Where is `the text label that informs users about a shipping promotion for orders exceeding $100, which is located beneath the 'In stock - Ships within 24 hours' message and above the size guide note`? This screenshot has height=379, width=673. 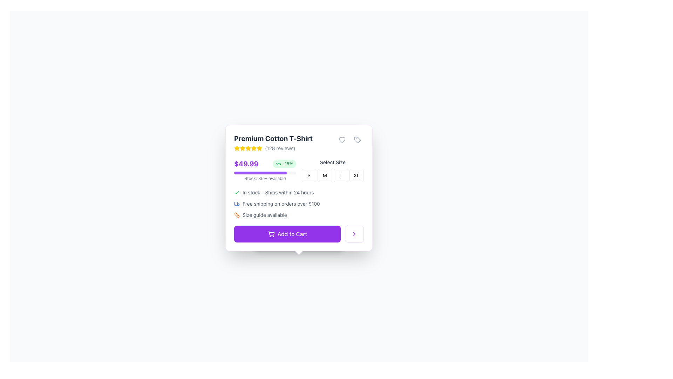
the text label that informs users about a shipping promotion for orders exceeding $100, which is located beneath the 'In stock - Ships within 24 hours' message and above the size guide note is located at coordinates (281, 204).